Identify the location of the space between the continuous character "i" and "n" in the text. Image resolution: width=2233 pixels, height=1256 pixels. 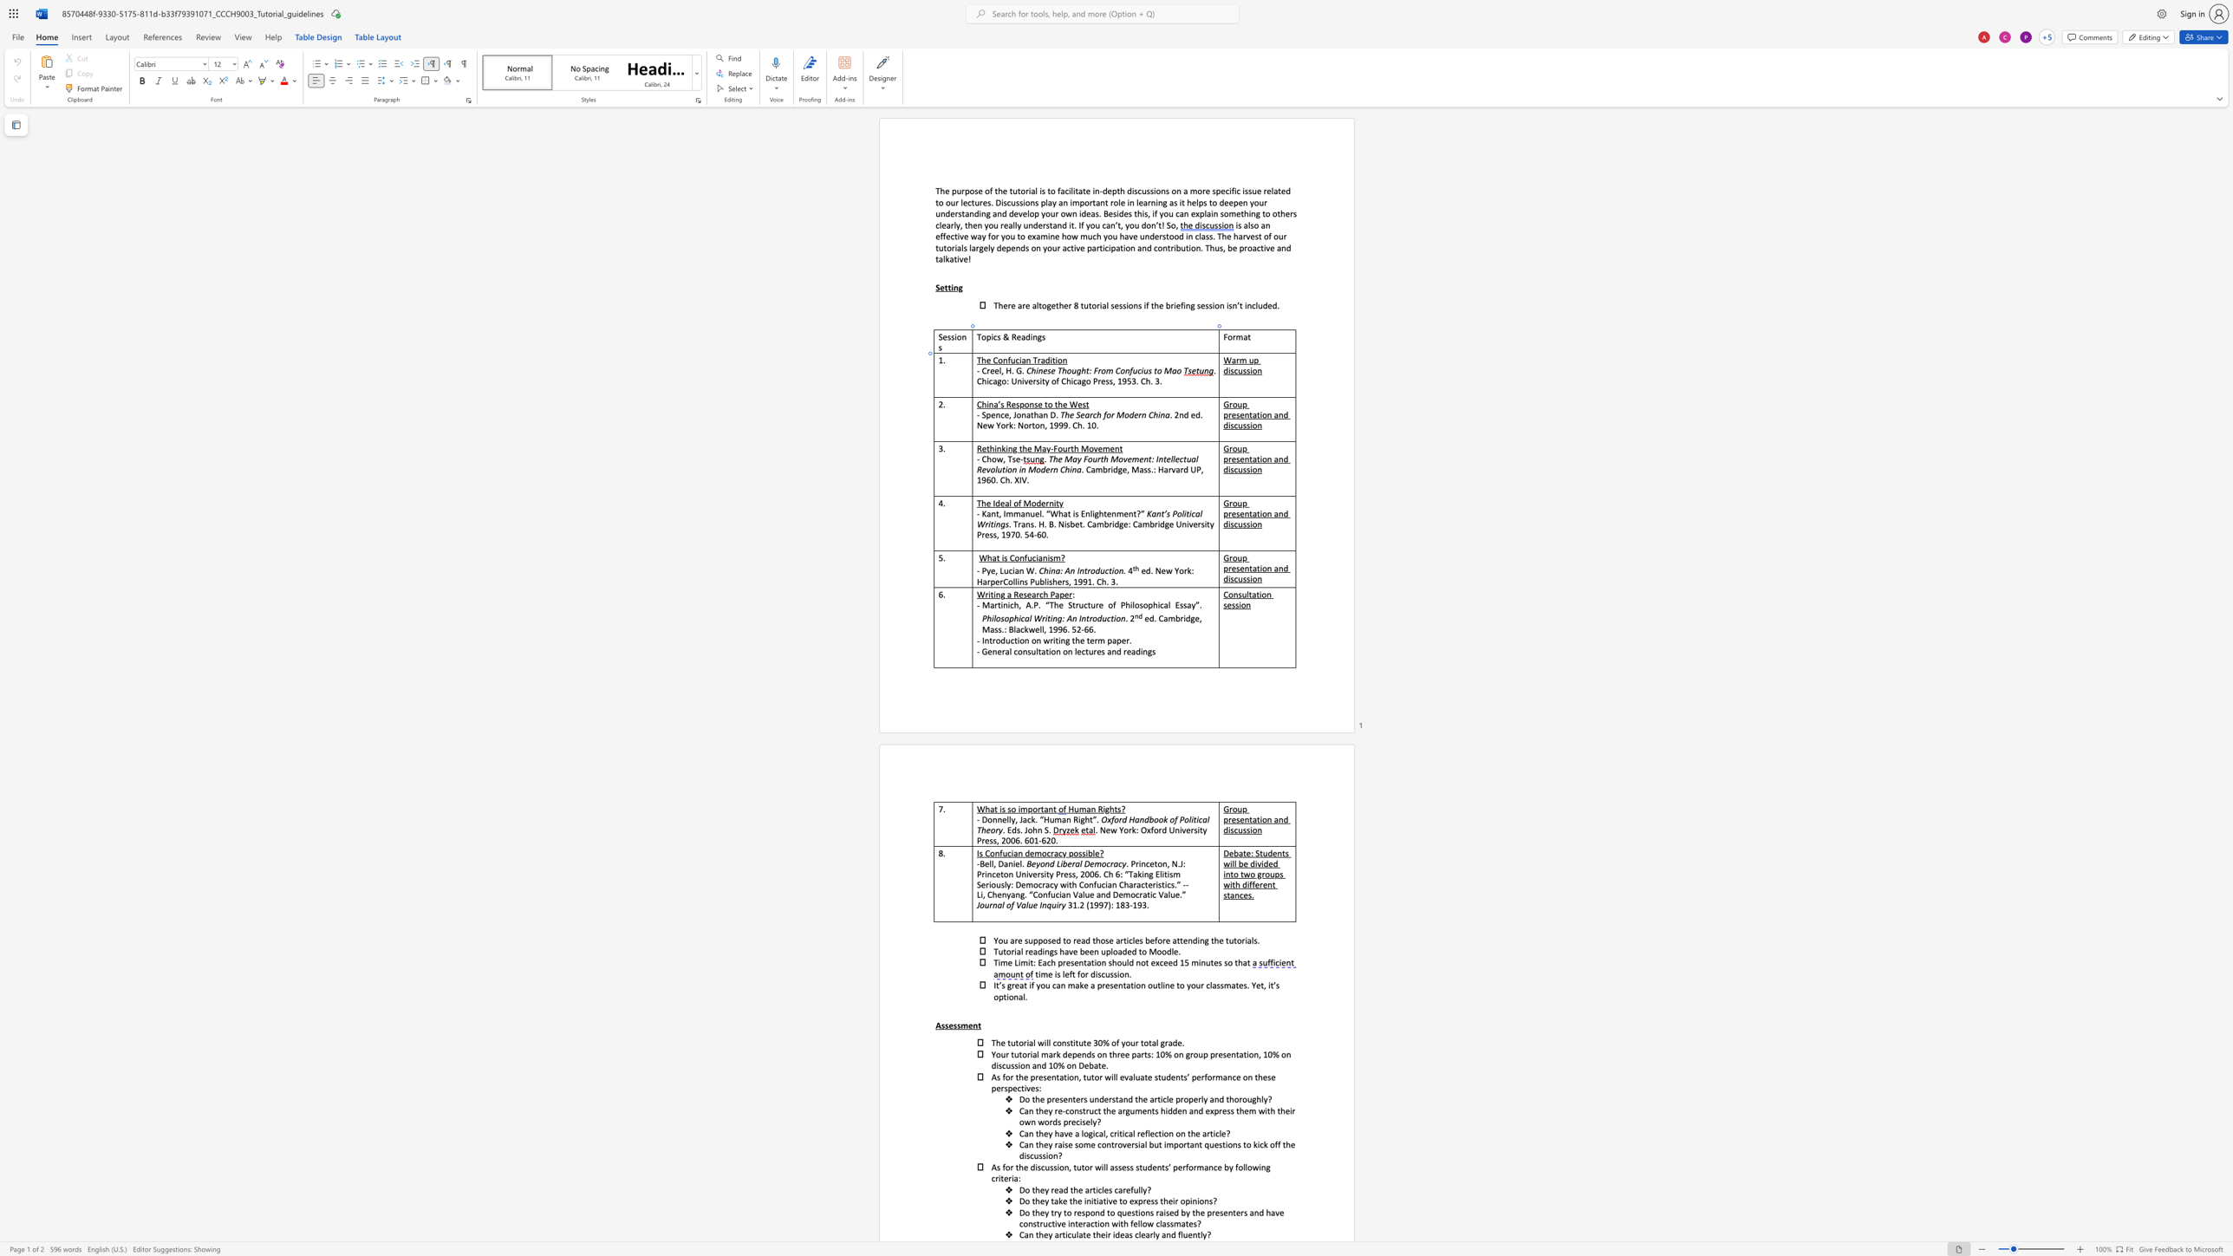
(988, 404).